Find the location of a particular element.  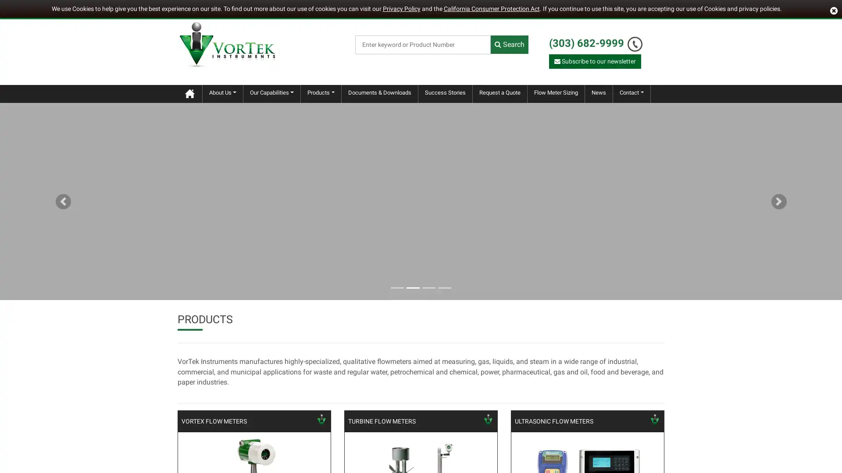

Goto slide 4 is located at coordinates (444, 269).